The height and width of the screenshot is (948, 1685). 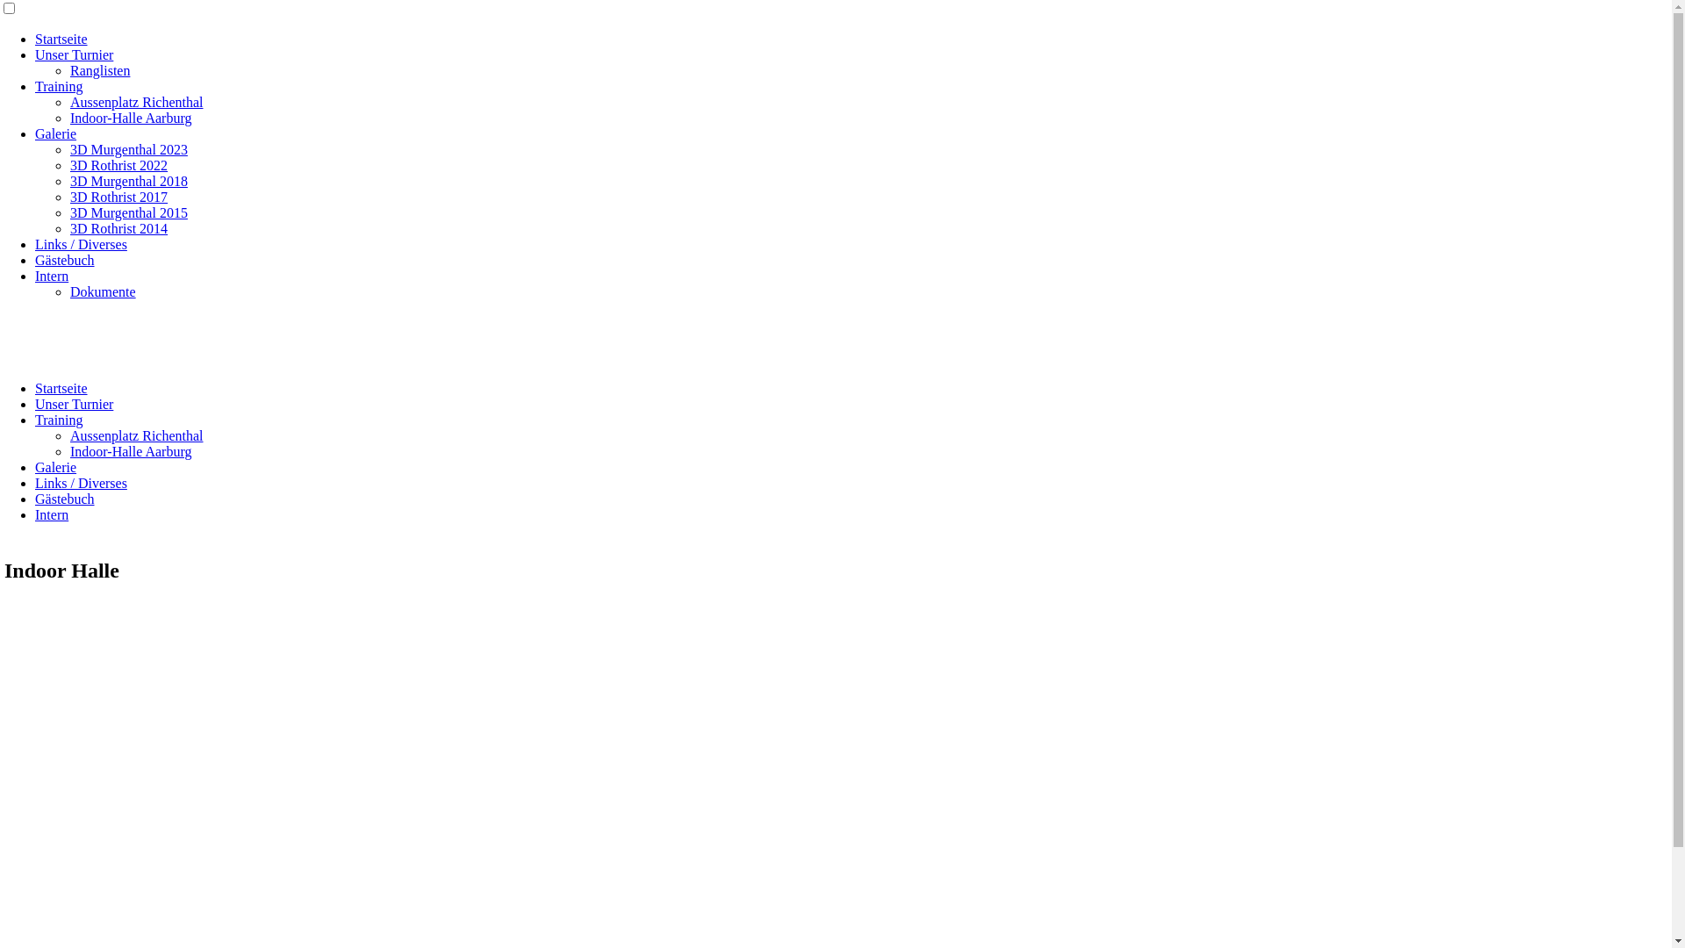 I want to click on 'Unser Turnier', so click(x=73, y=54).